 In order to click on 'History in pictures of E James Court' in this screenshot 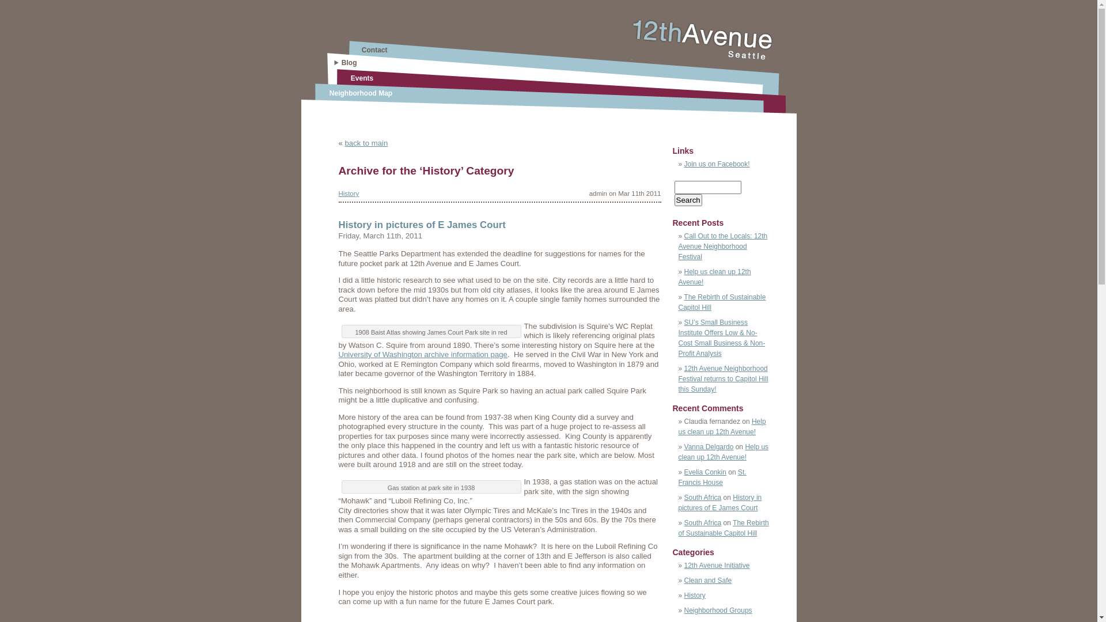, I will do `click(719, 502)`.